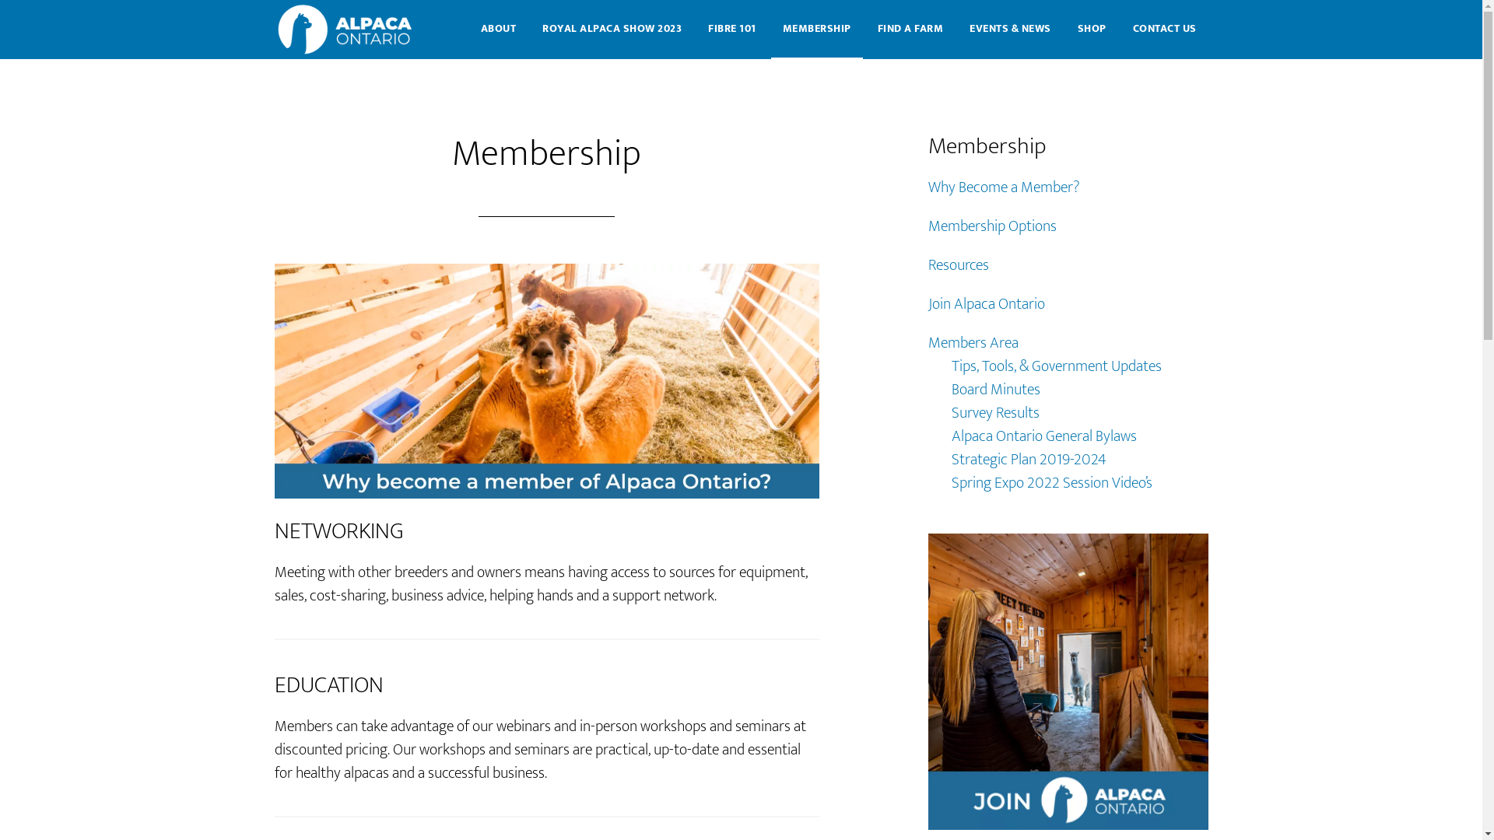  Describe the element at coordinates (910, 30) in the screenshot. I see `'FIND A FARM'` at that location.